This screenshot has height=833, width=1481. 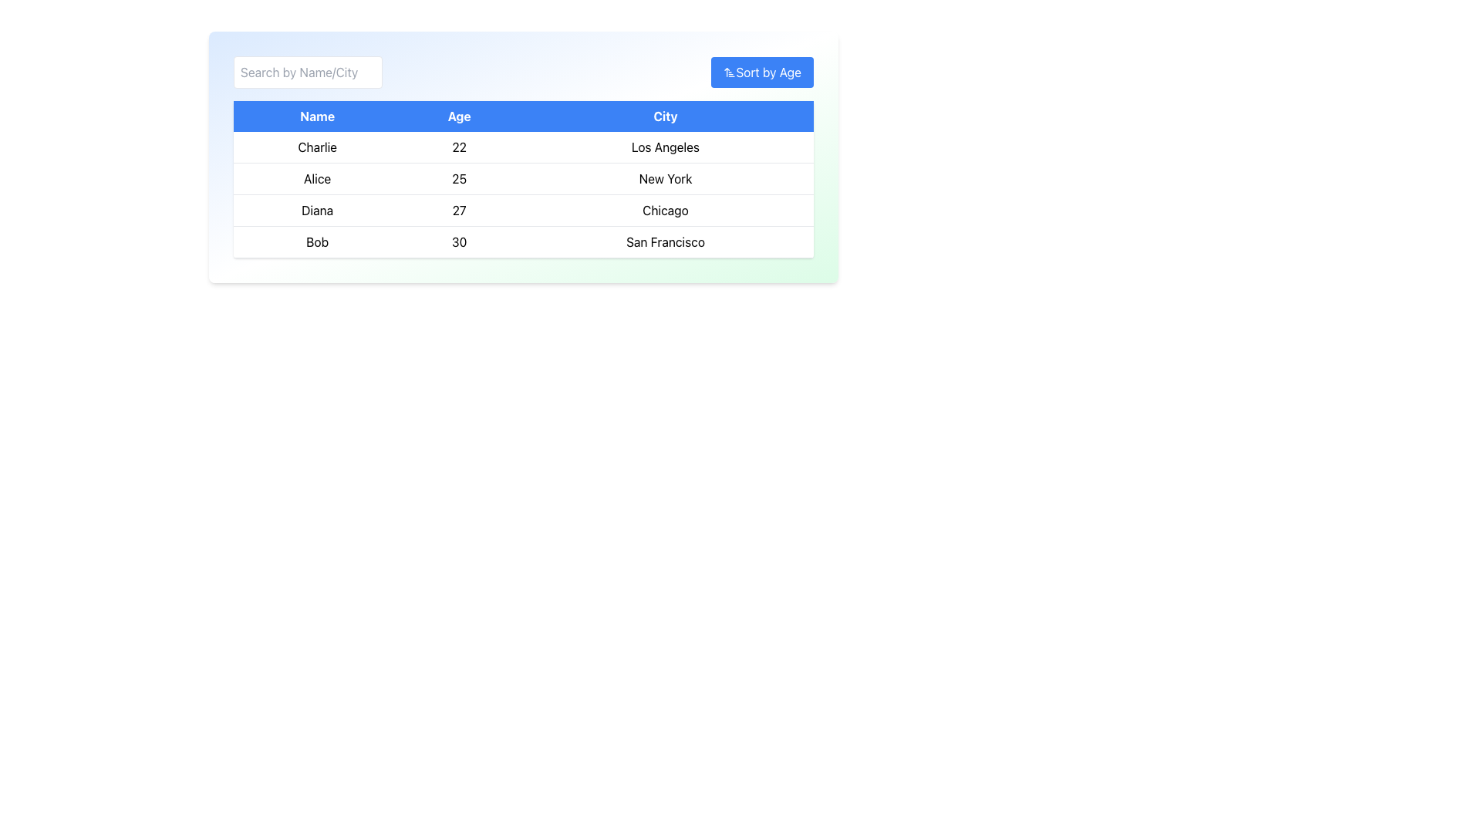 What do you see at coordinates (666, 147) in the screenshot?
I see `the static Text label displaying the city name 'Los Angeles' associated with 'Charlie' (Age: 22) in the table` at bounding box center [666, 147].